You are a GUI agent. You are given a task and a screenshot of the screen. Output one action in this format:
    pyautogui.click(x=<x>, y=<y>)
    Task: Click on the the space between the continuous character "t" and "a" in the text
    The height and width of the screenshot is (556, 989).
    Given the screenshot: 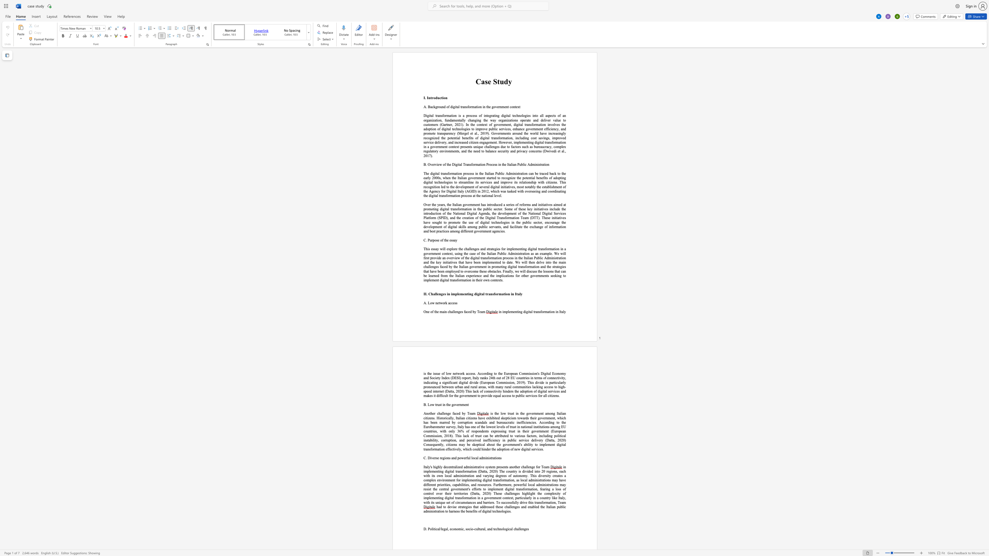 What is the action you would take?
    pyautogui.click(x=544, y=391)
    